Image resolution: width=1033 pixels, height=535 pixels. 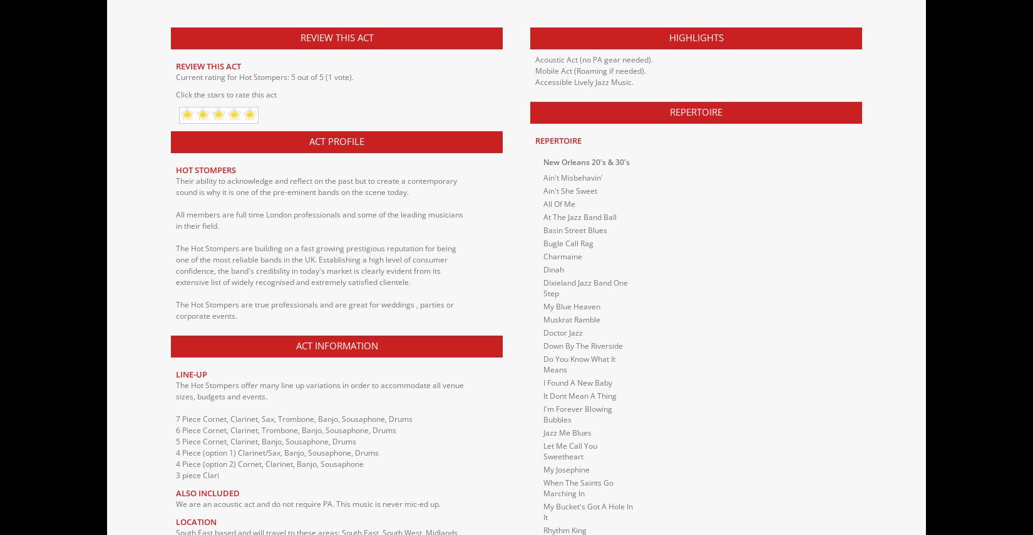 I want to click on 'At The Jazz Band Ball', so click(x=580, y=216).